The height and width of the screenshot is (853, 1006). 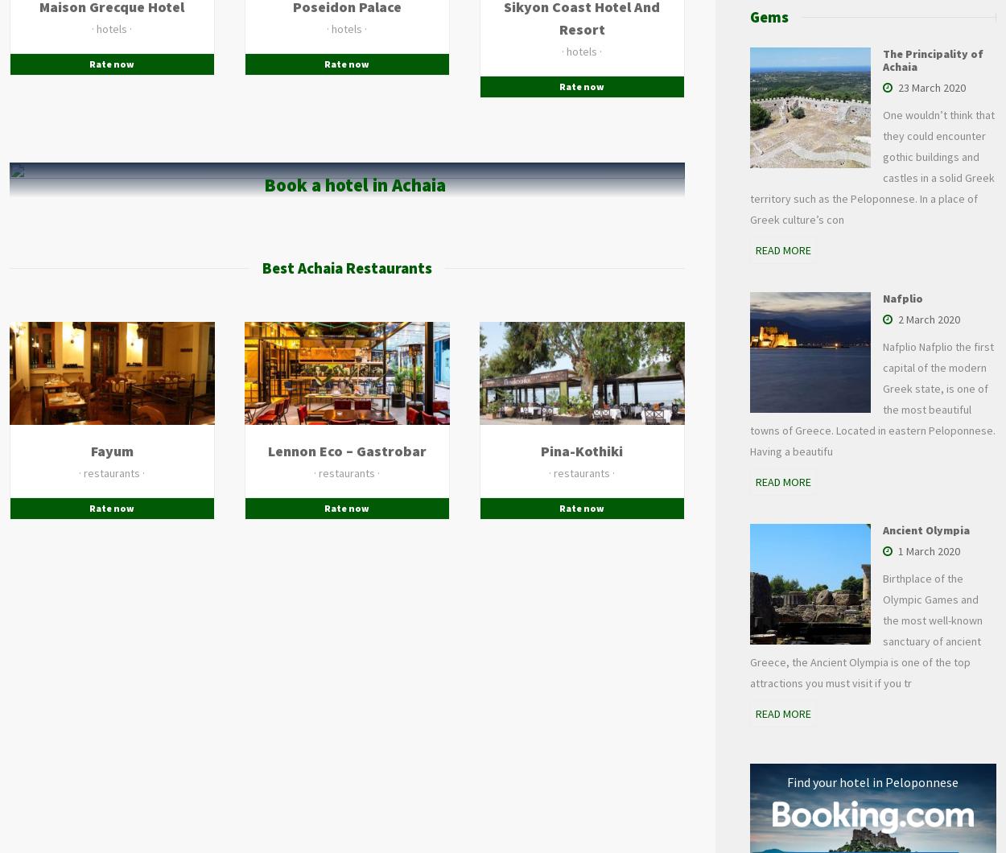 What do you see at coordinates (365, 418) in the screenshot?
I see `'30 - 32 Georgiou Squ., Patra 262-21'` at bounding box center [365, 418].